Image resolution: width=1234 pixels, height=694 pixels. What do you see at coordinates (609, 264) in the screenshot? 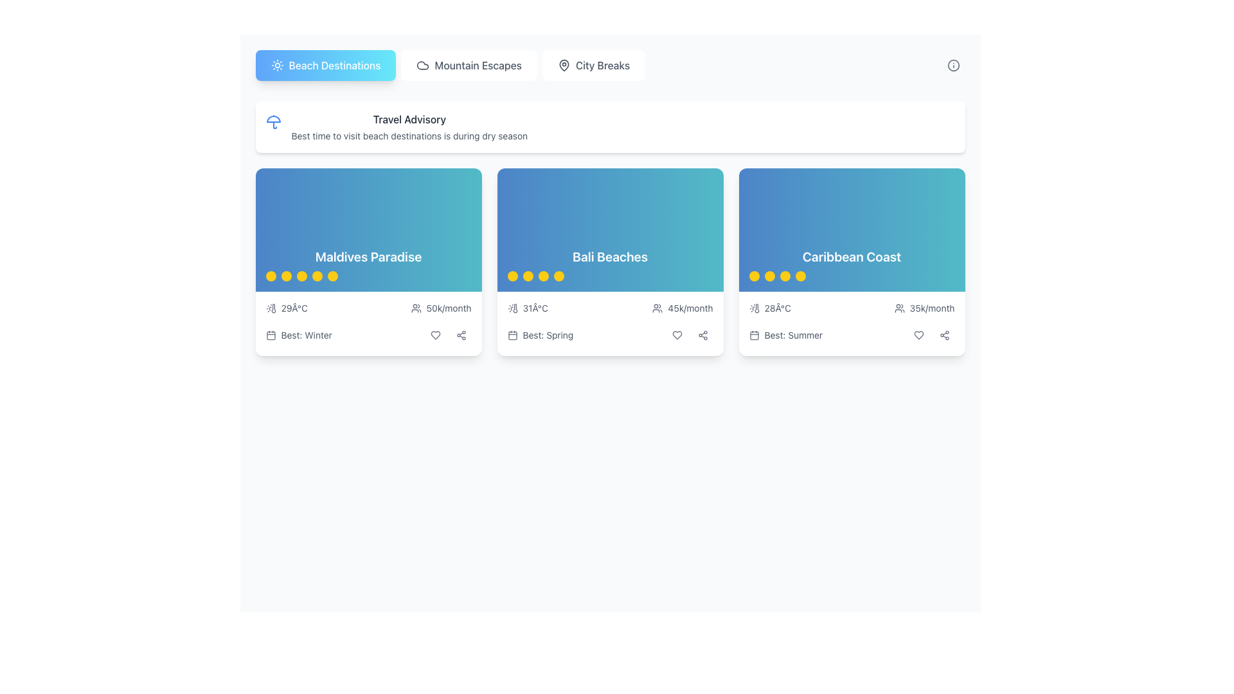
I see `the 'Bali Beaches' text label, which is a white bold font positioned above yellow rating icons in the middle card of a triplet arrangement` at bounding box center [609, 264].